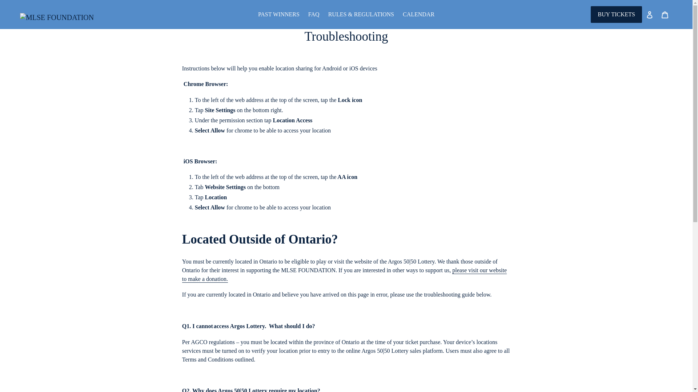 The height and width of the screenshot is (392, 698). Describe the element at coordinates (254, 14) in the screenshot. I see `'PAST WINNERS'` at that location.